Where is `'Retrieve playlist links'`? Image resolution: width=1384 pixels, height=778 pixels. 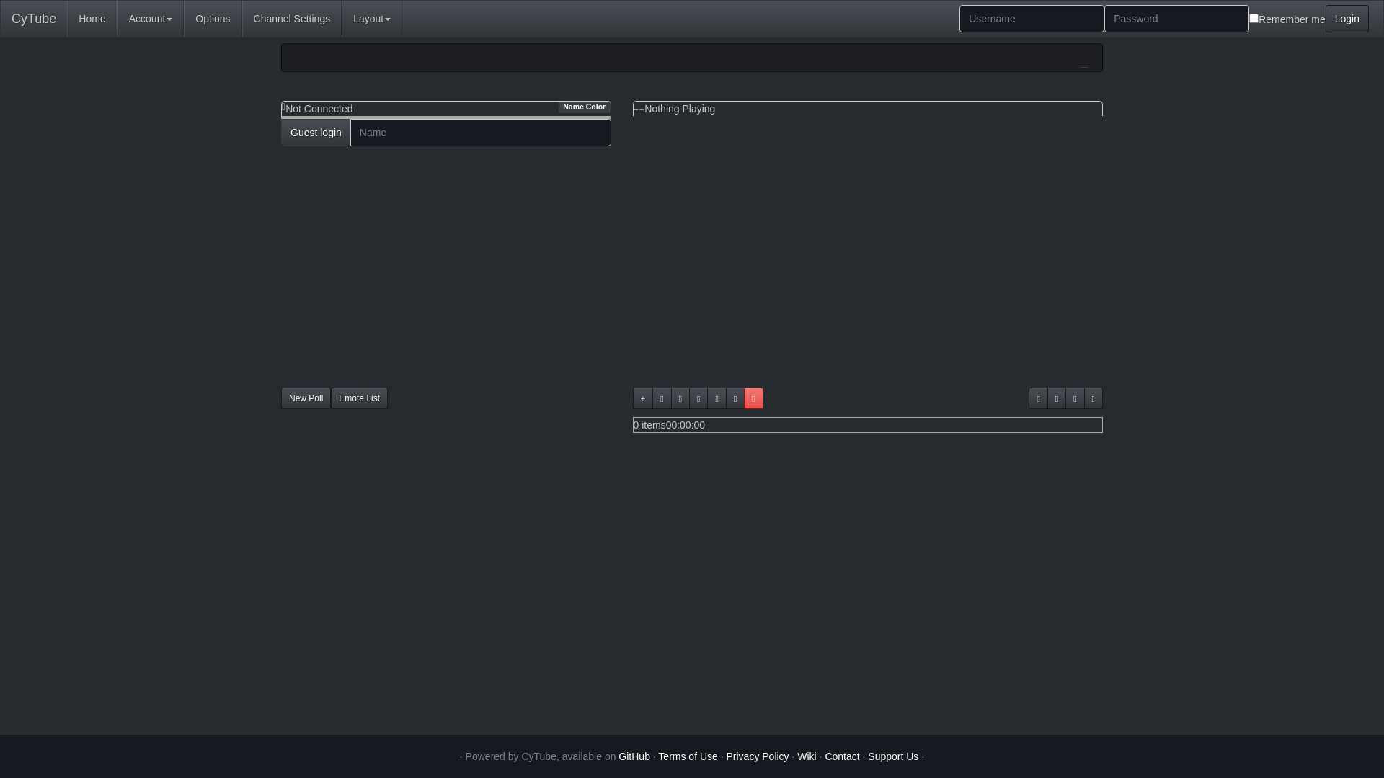
'Retrieve playlist links' is located at coordinates (1075, 398).